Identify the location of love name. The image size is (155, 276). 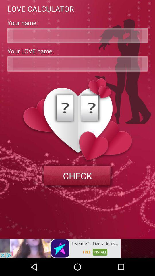
(77, 64).